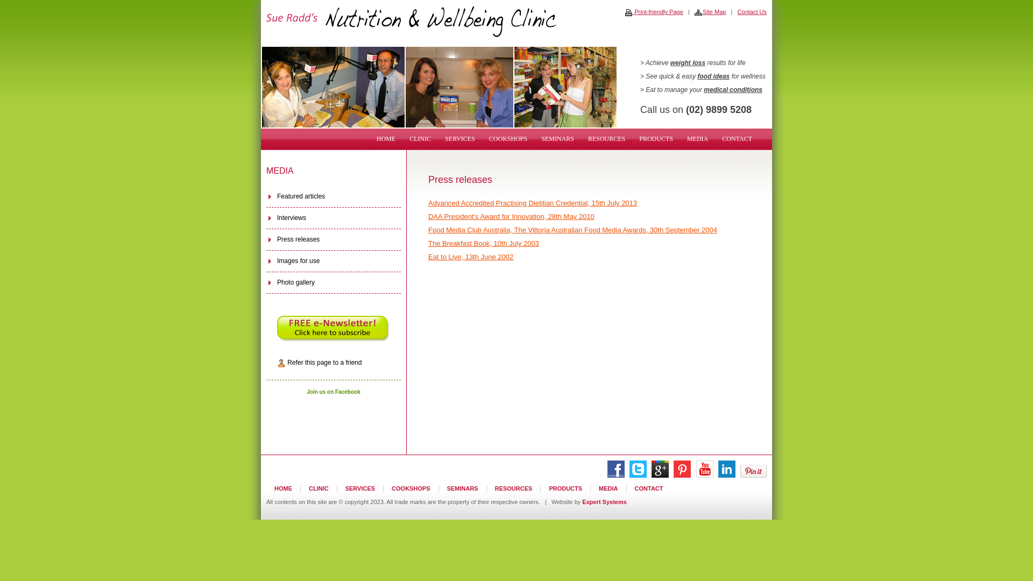 This screenshot has width=1033, height=581. What do you see at coordinates (732, 89) in the screenshot?
I see `'medical conditions'` at bounding box center [732, 89].